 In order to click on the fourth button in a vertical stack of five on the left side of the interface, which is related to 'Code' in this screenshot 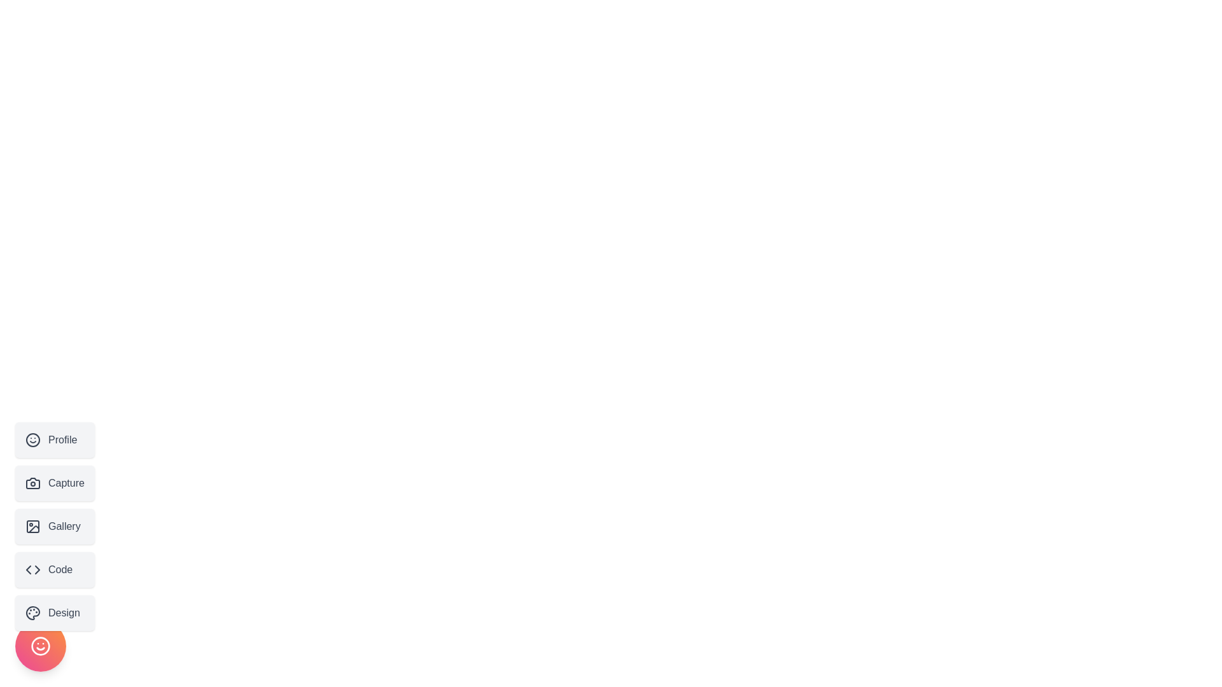, I will do `click(54, 569)`.